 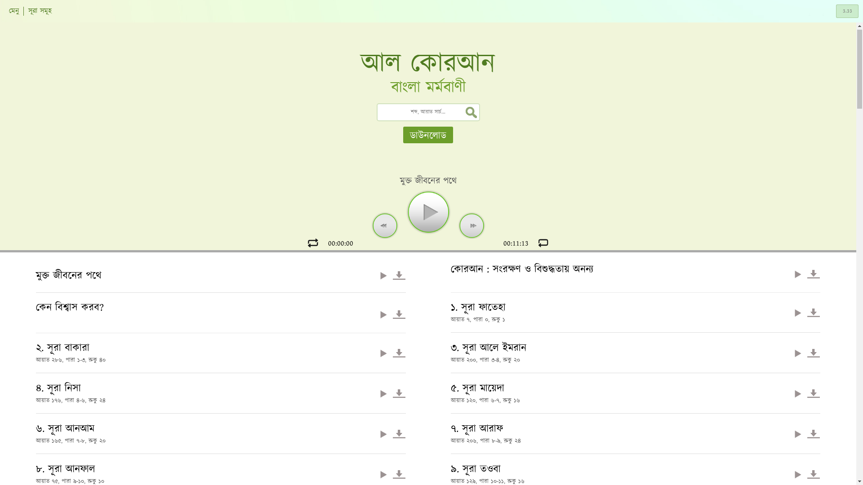 I want to click on 'Download', so click(x=398, y=353).